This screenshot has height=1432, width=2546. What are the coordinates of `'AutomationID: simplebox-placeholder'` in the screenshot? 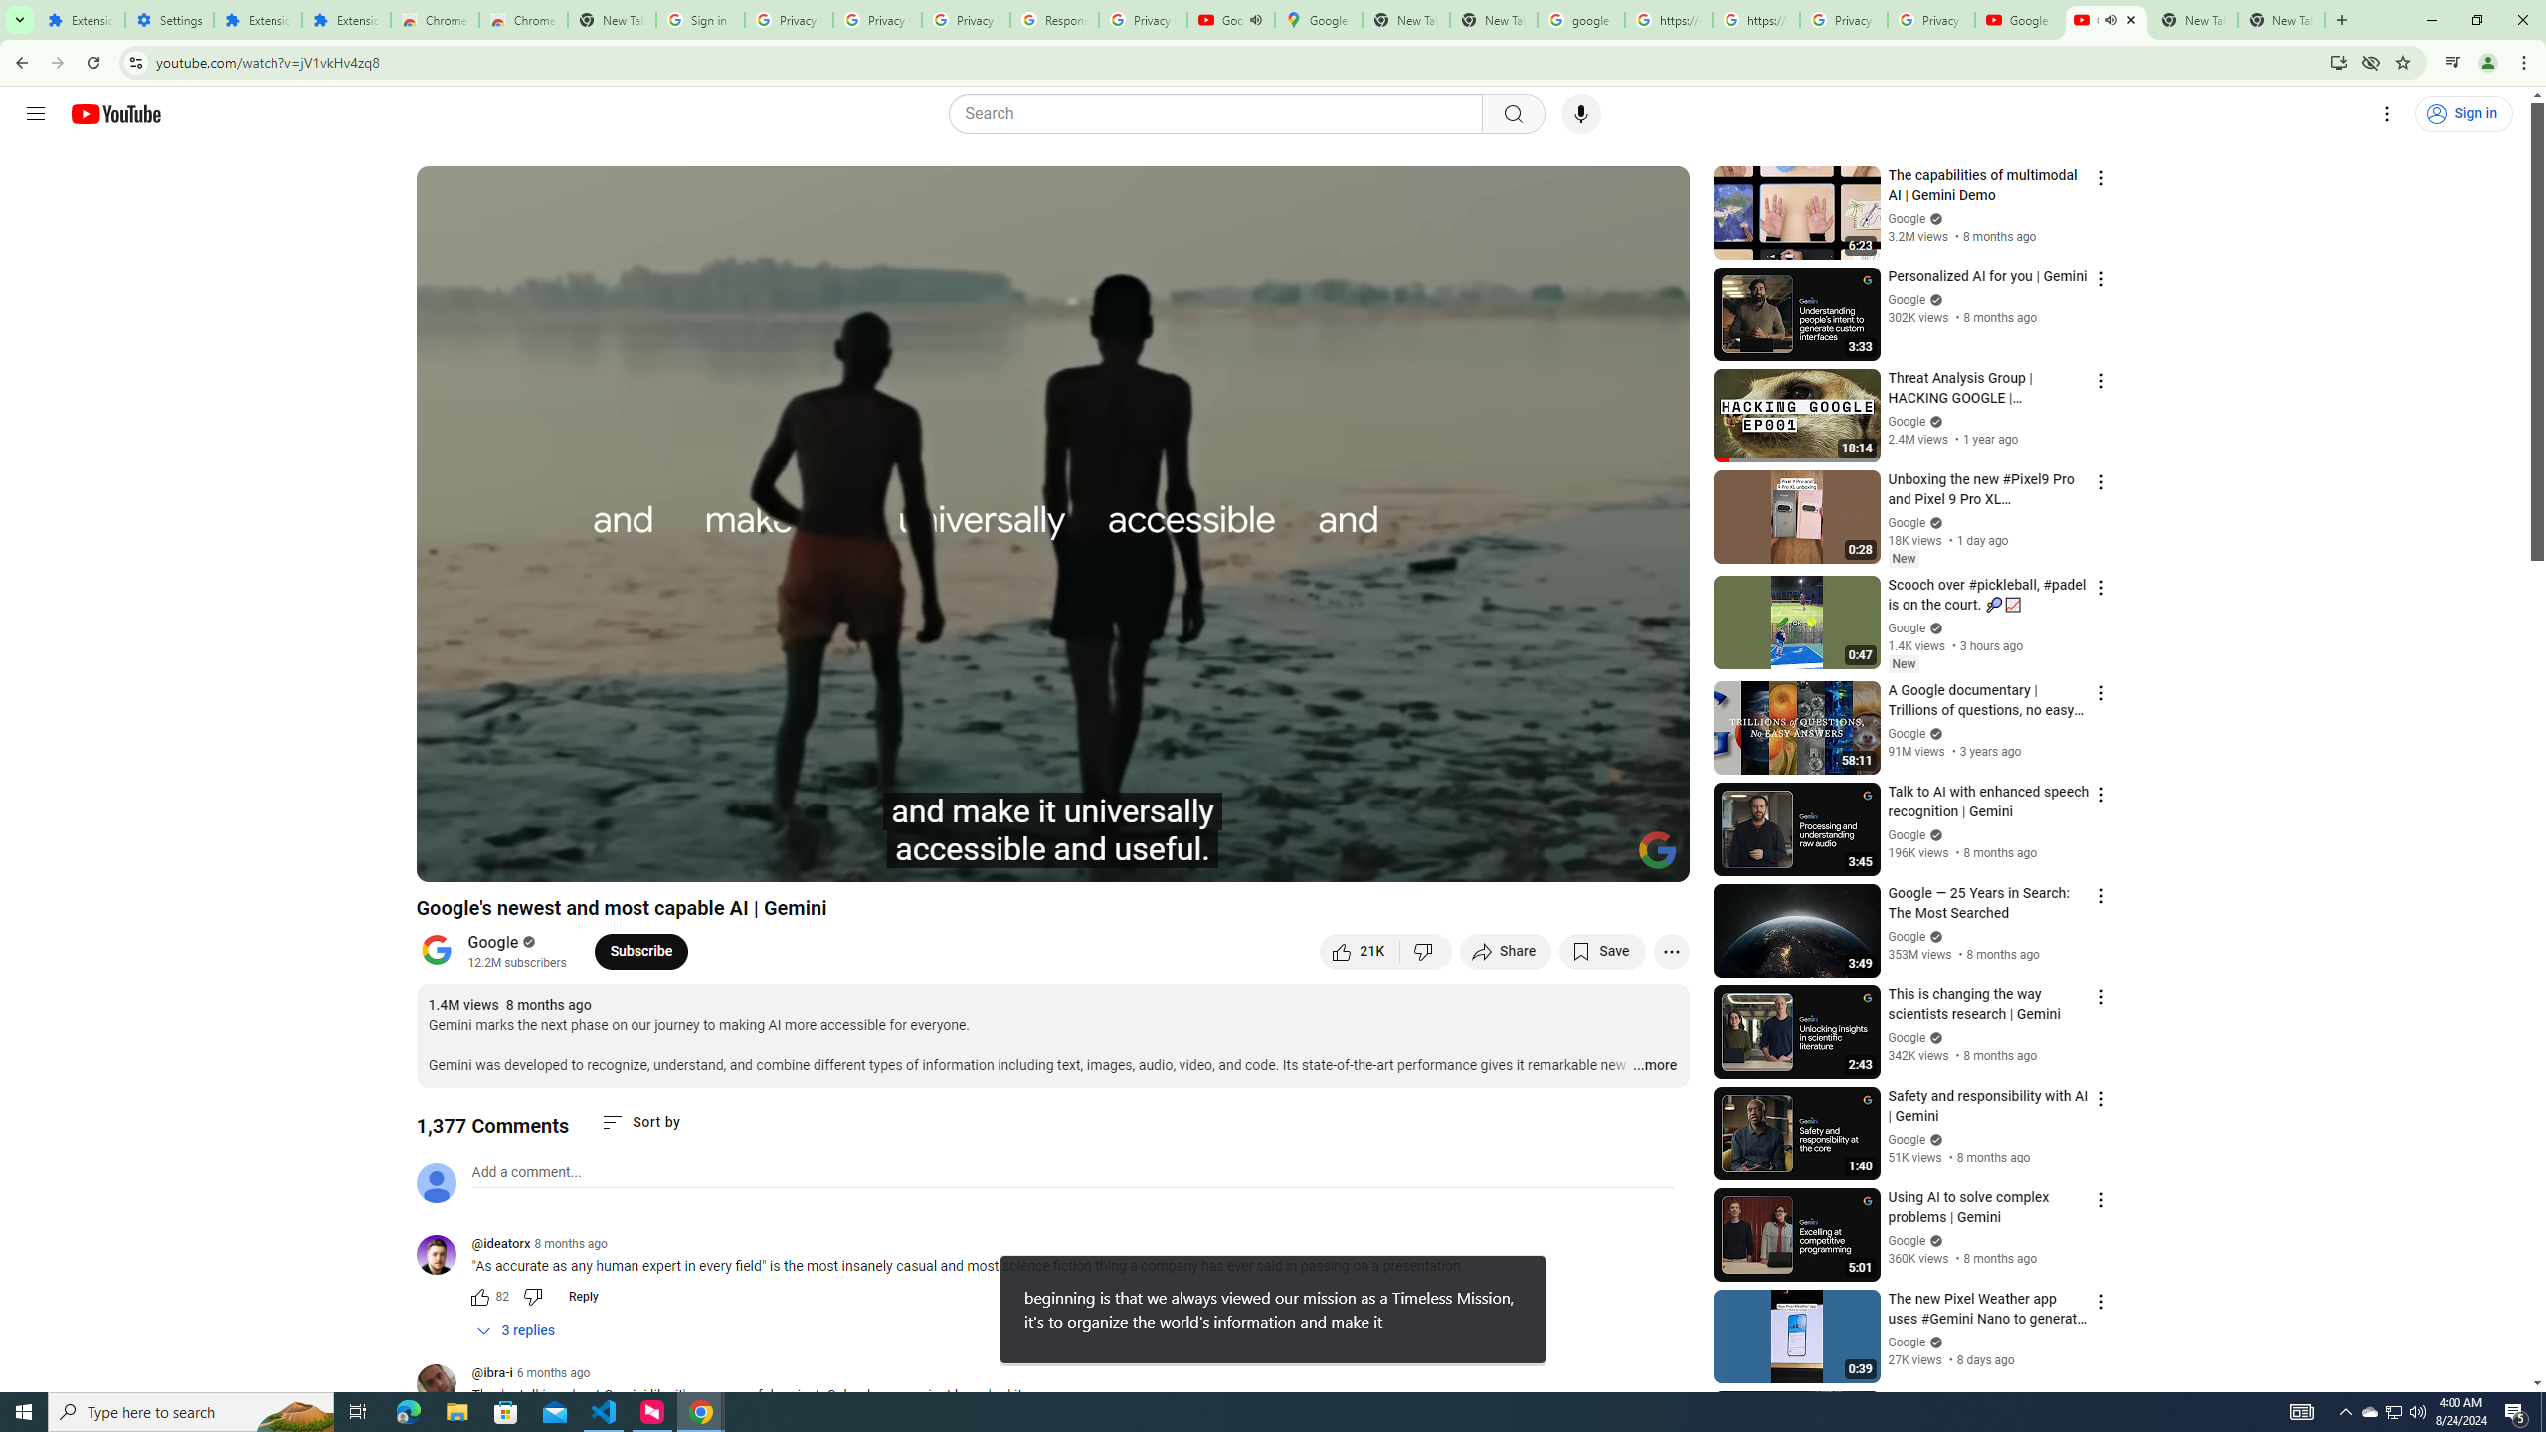 It's located at (526, 1172).